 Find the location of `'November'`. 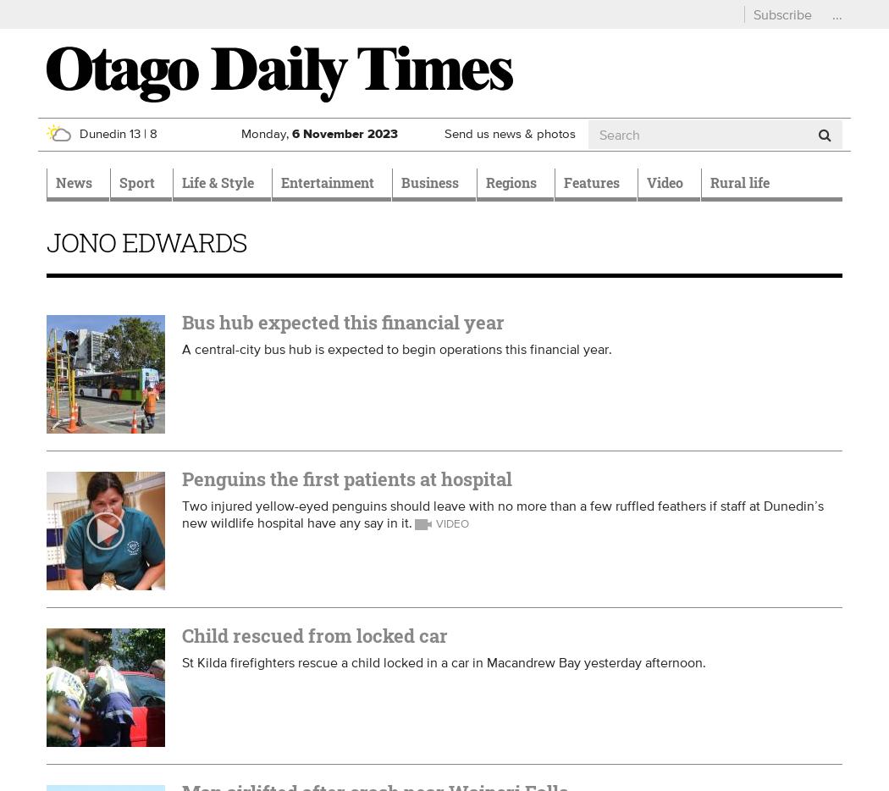

'November' is located at coordinates (333, 134).